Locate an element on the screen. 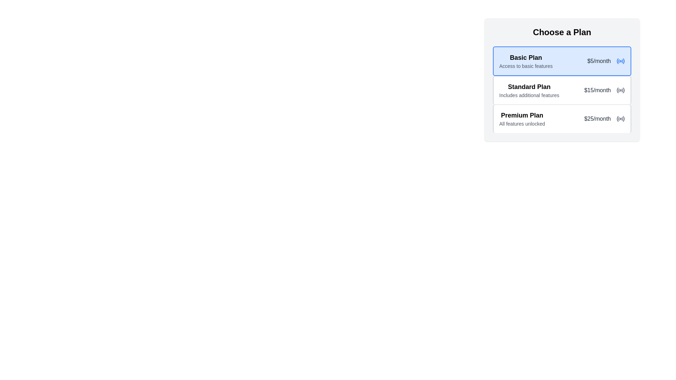 The height and width of the screenshot is (380, 676). pricing information displayed in the text label showing '$5/month' in dark gray color within the 'Basic Plan' information box is located at coordinates (606, 61).